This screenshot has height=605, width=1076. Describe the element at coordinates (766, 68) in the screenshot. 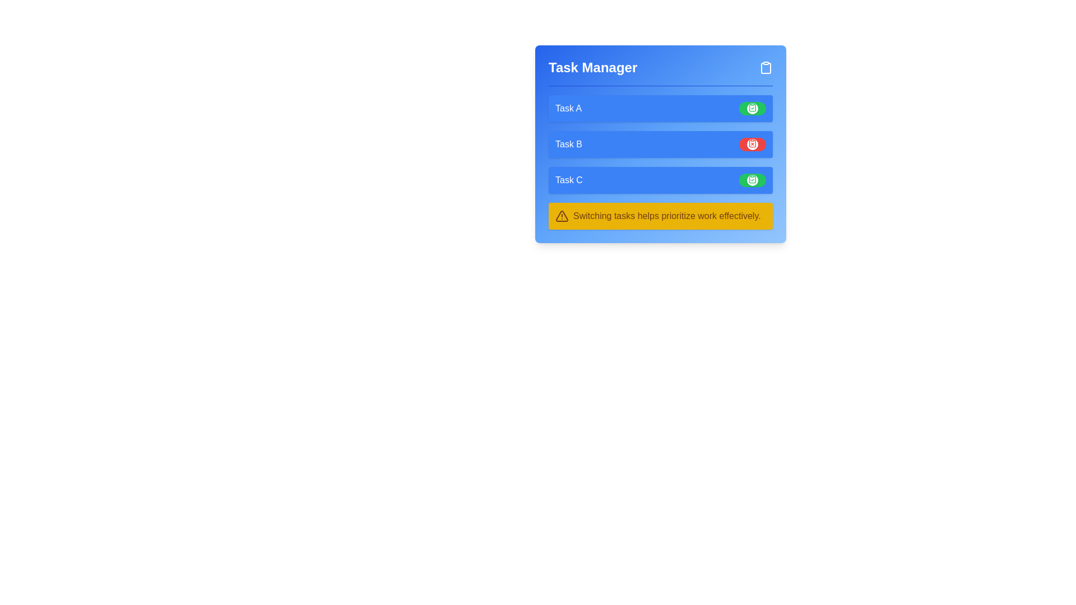

I see `the main body of the clipboard icon located in the top-right corner of the task manager interface` at that location.